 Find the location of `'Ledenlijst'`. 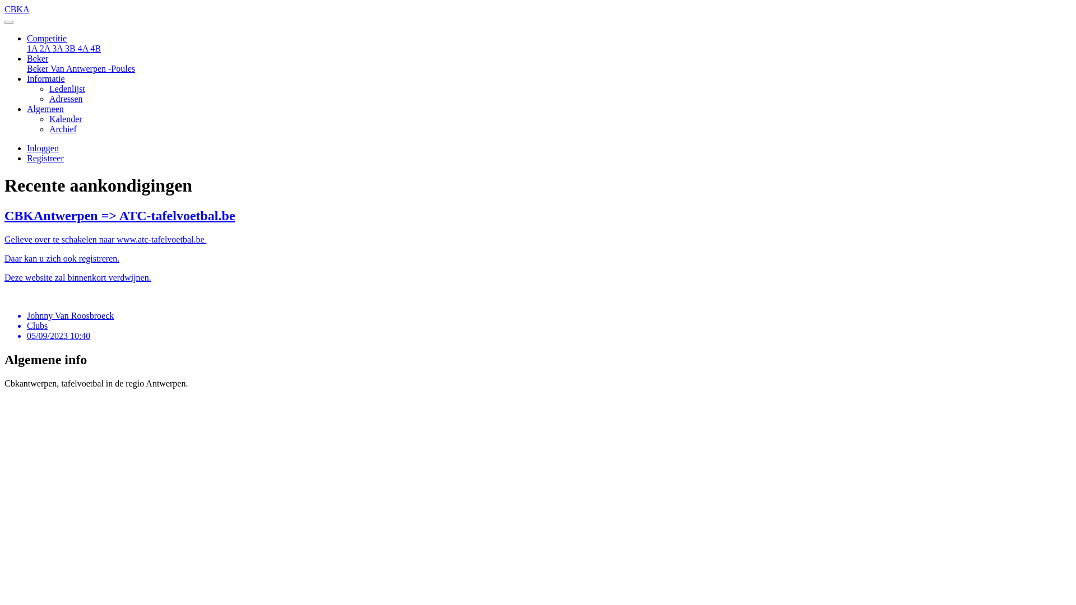

'Ledenlijst' is located at coordinates (67, 88).